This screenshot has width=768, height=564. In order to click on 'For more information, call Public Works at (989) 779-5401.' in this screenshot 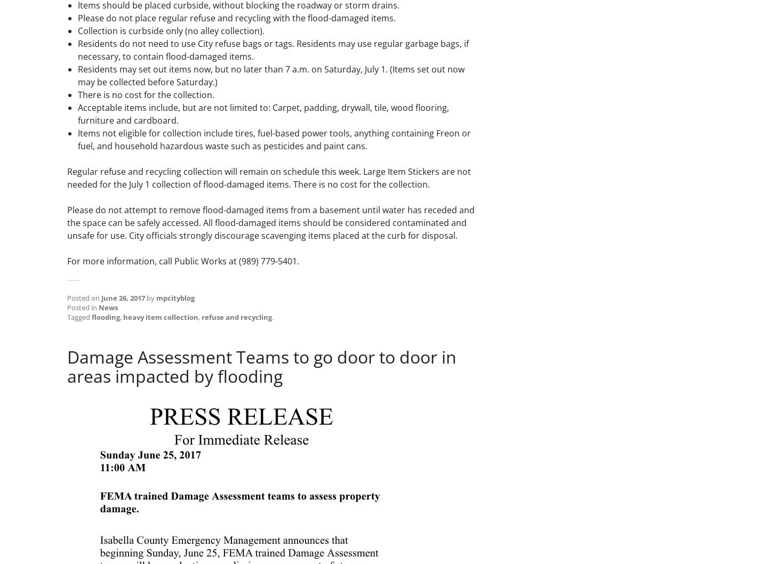, I will do `click(66, 260)`.